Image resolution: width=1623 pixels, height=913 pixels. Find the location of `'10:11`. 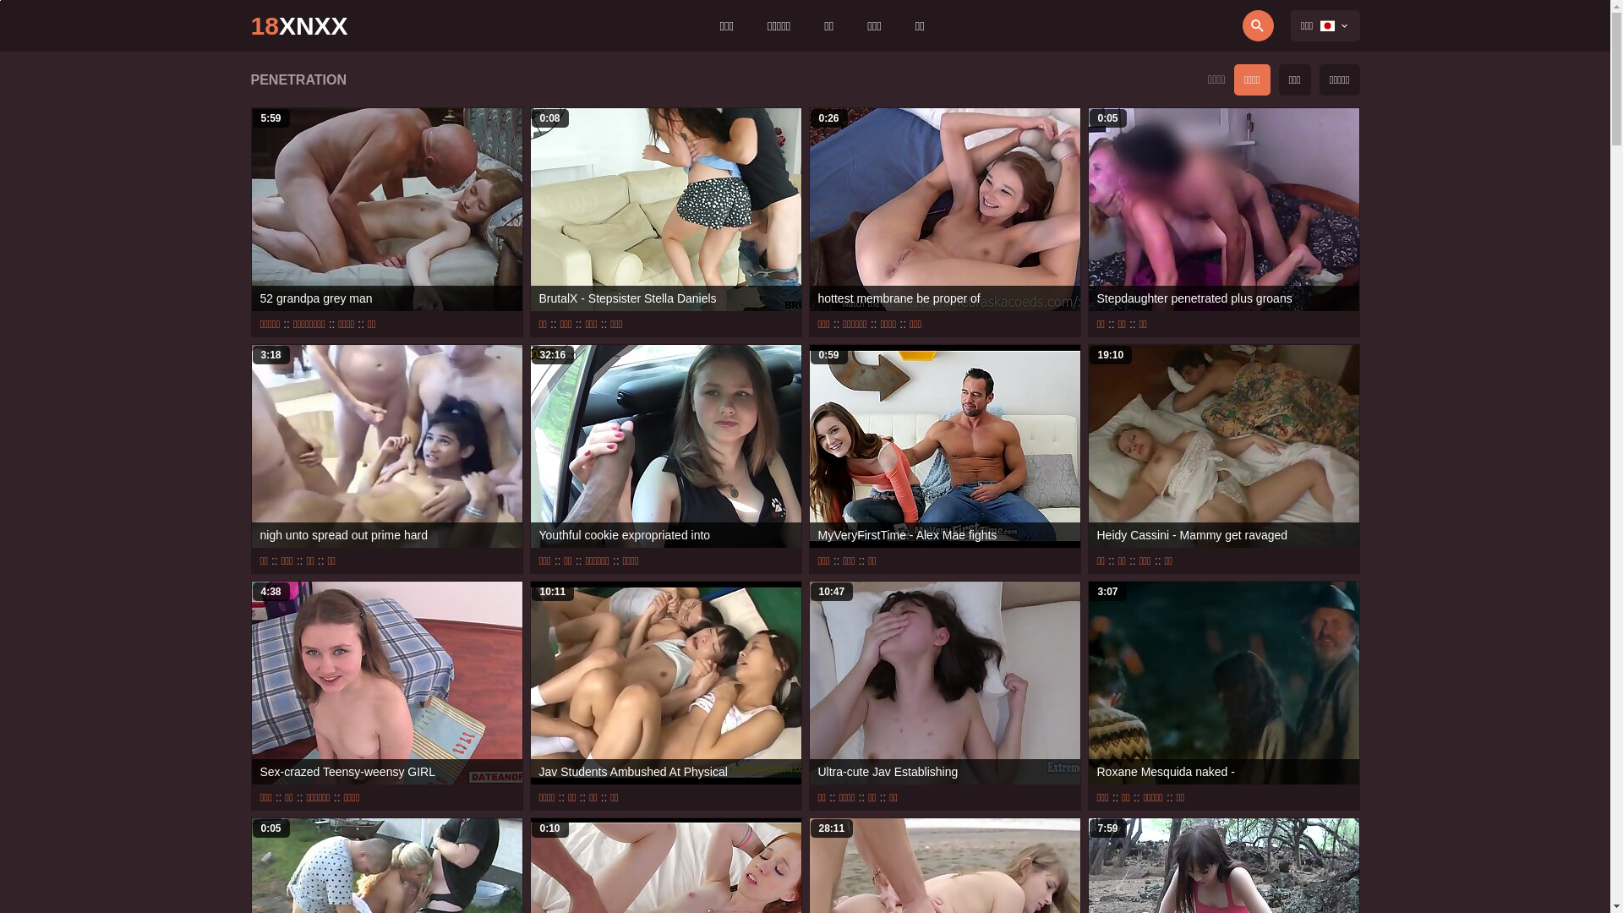

'10:11 is located at coordinates (664, 681).